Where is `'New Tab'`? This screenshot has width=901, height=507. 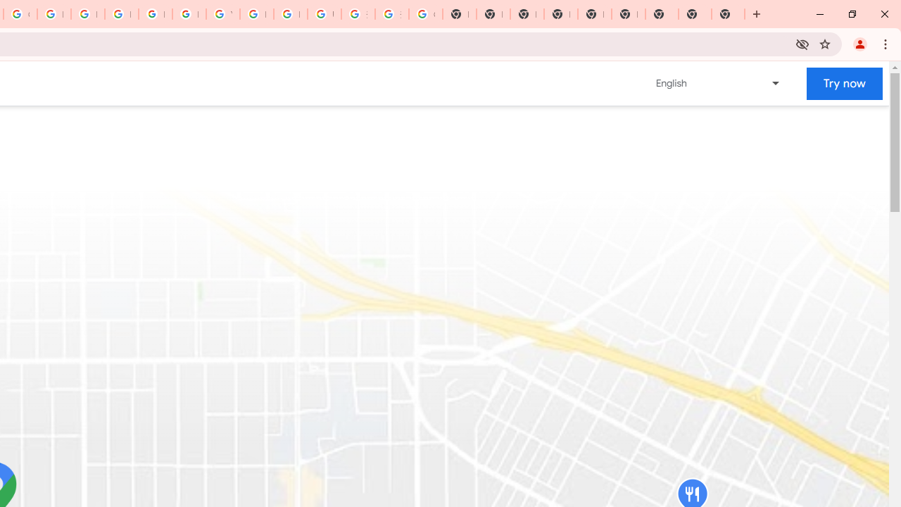 'New Tab' is located at coordinates (728, 14).